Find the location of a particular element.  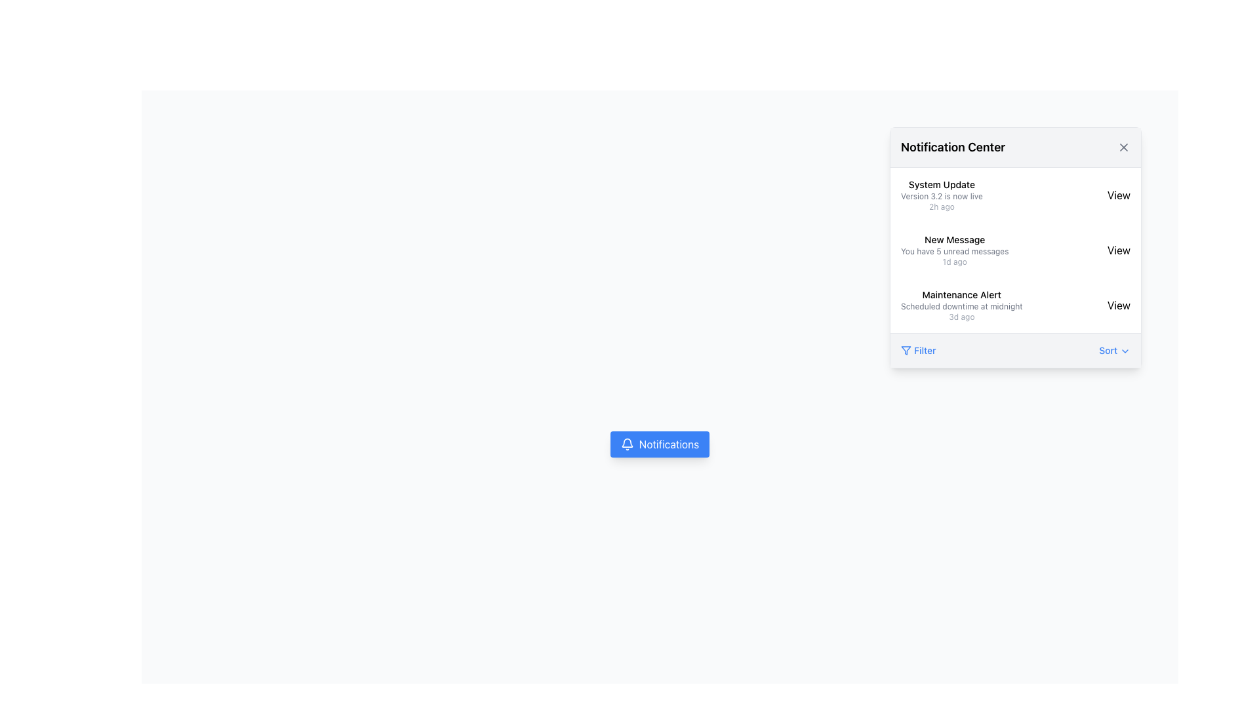

the descriptive text label that indicates unread messages, located in the notification panel beneath the 'New Message' title and above the timestamp '1d ago' is located at coordinates (955, 252).